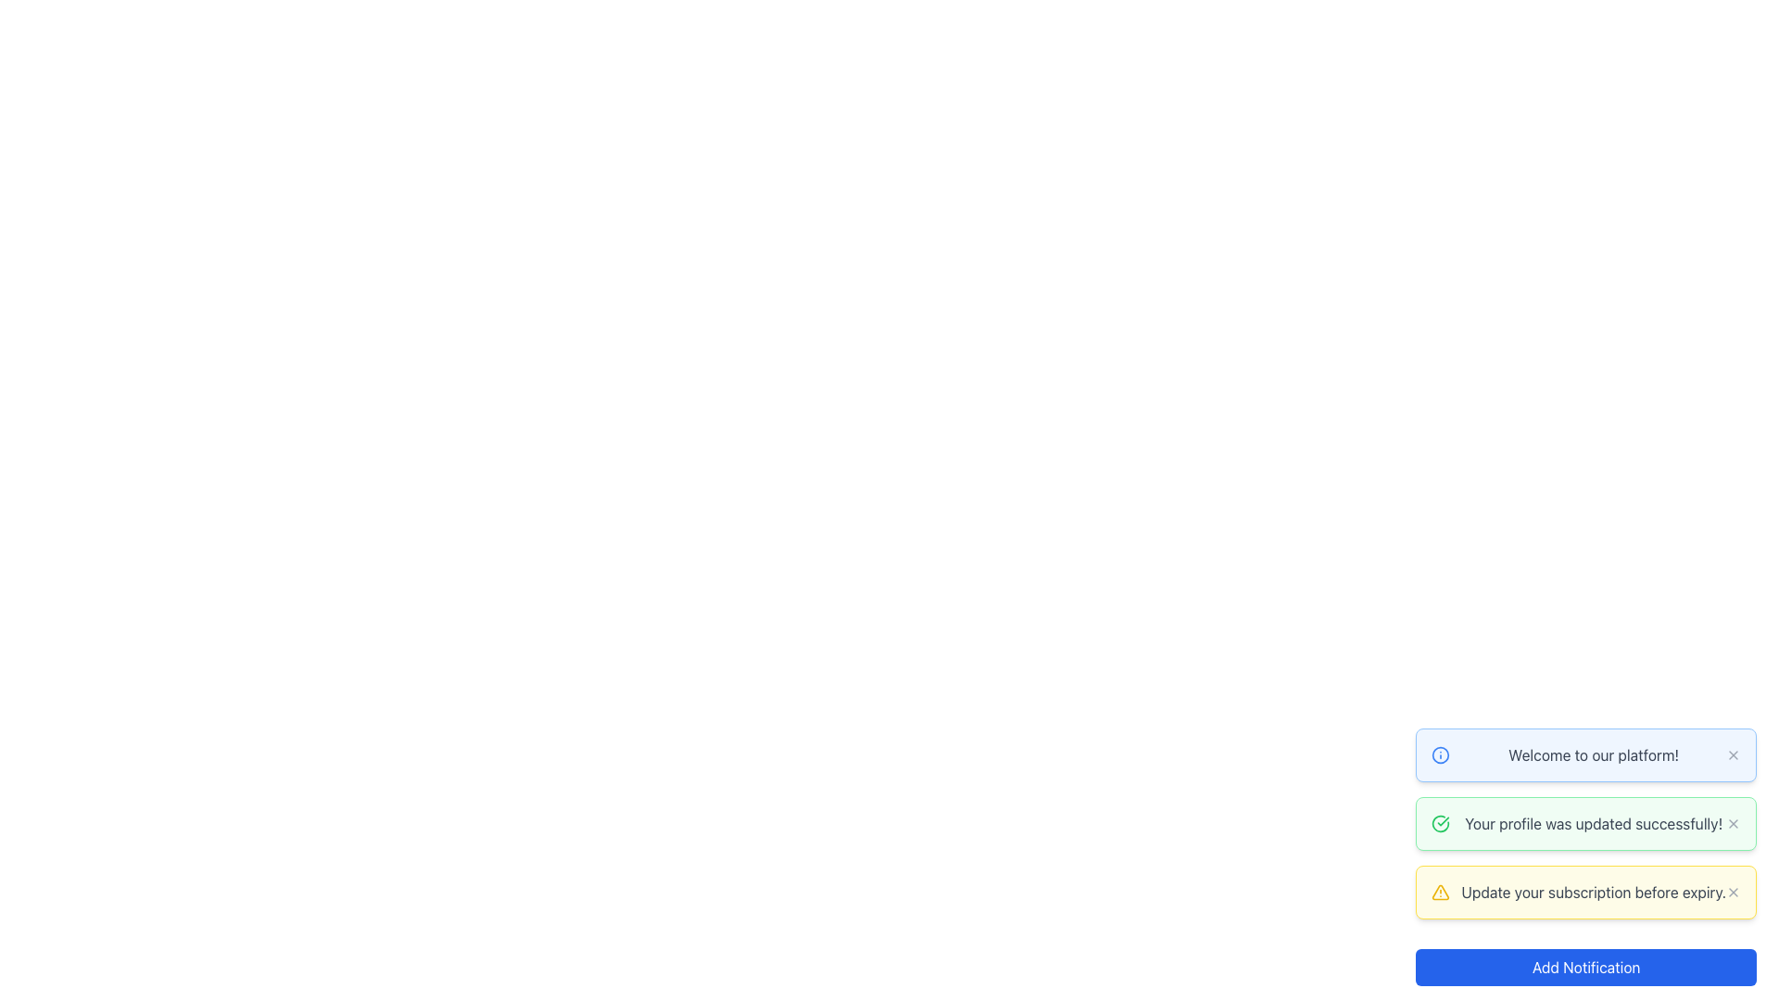 This screenshot has width=1779, height=1001. What do you see at coordinates (1440, 822) in the screenshot?
I see `the success indicator icon located at the beginning of the notification bar that confirms the user's profile update, which has a green background` at bounding box center [1440, 822].